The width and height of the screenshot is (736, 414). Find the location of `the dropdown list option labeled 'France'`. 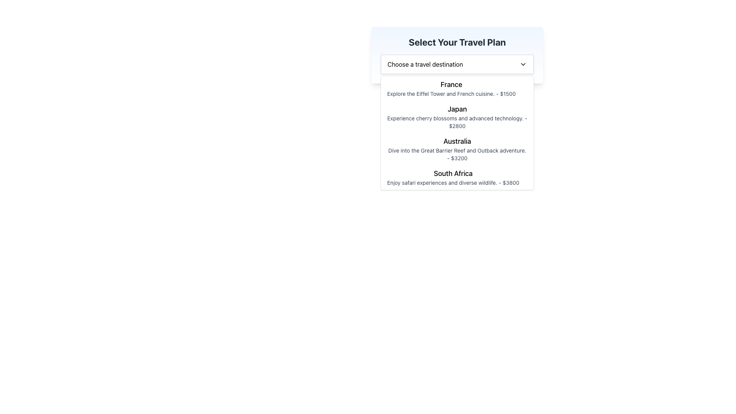

the dropdown list option labeled 'France' is located at coordinates (451, 88).